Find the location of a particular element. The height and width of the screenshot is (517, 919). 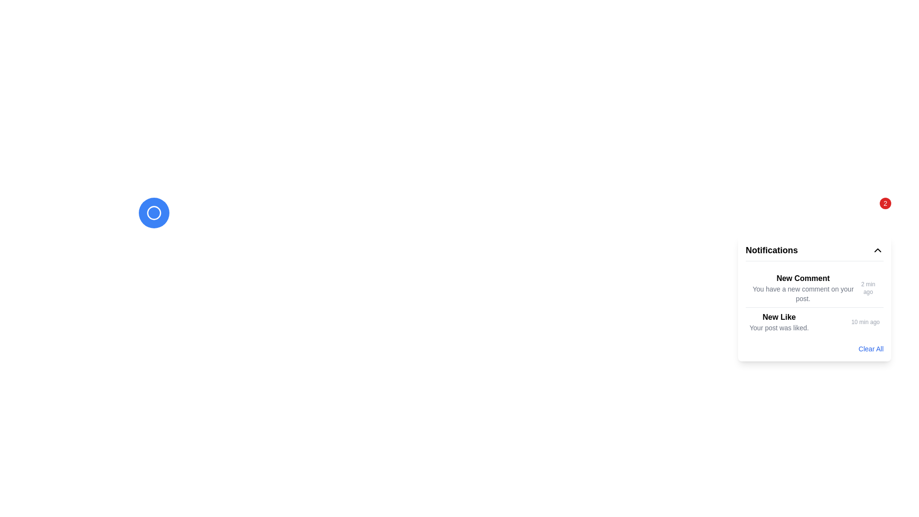

the muted gray text label "10 min ago" located at the bottom-right of the notification group, which indicates temporal information related to a new like is located at coordinates (865, 322).